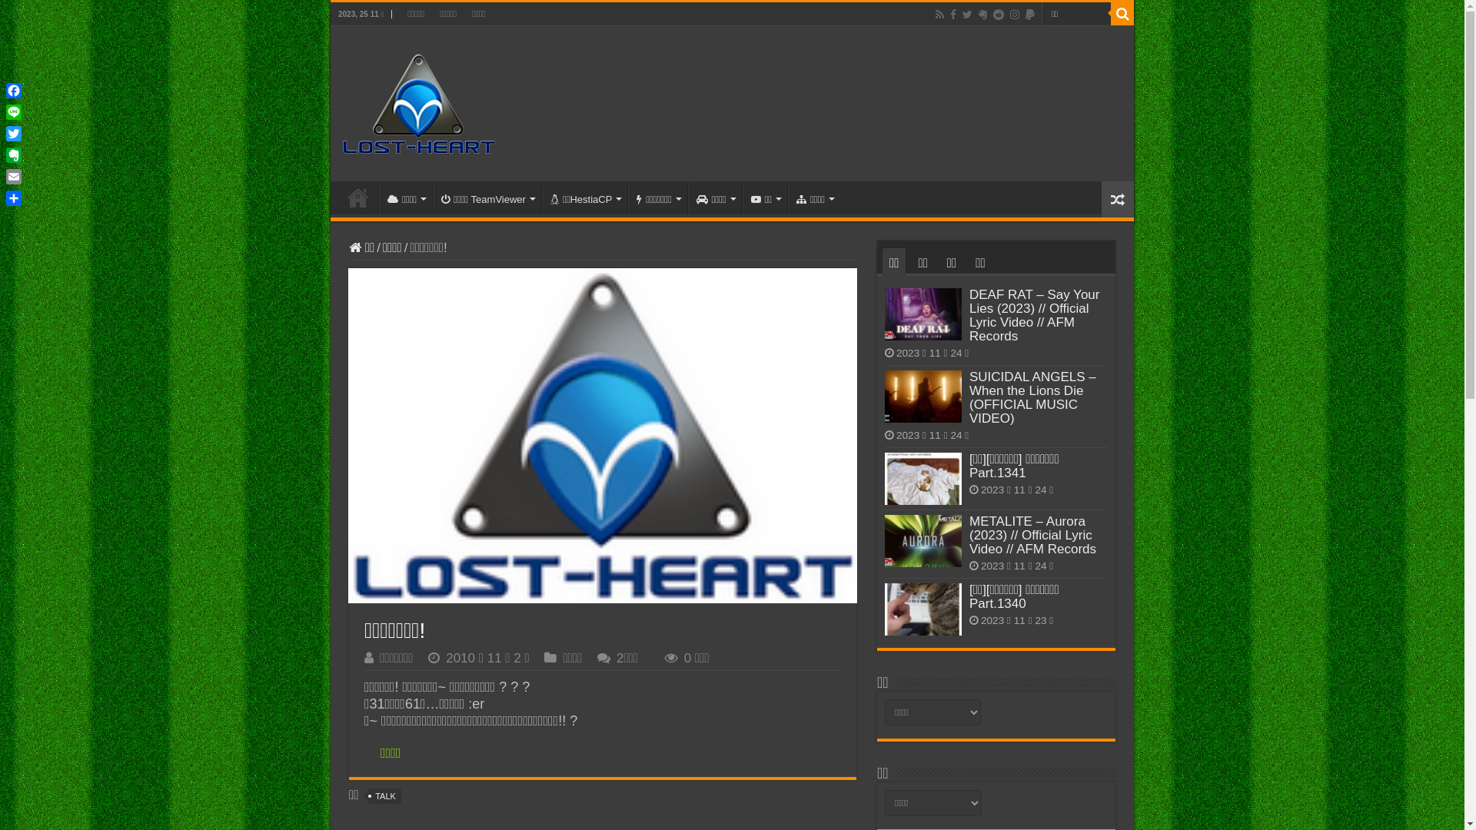  I want to click on 'Evernote', so click(14, 154).